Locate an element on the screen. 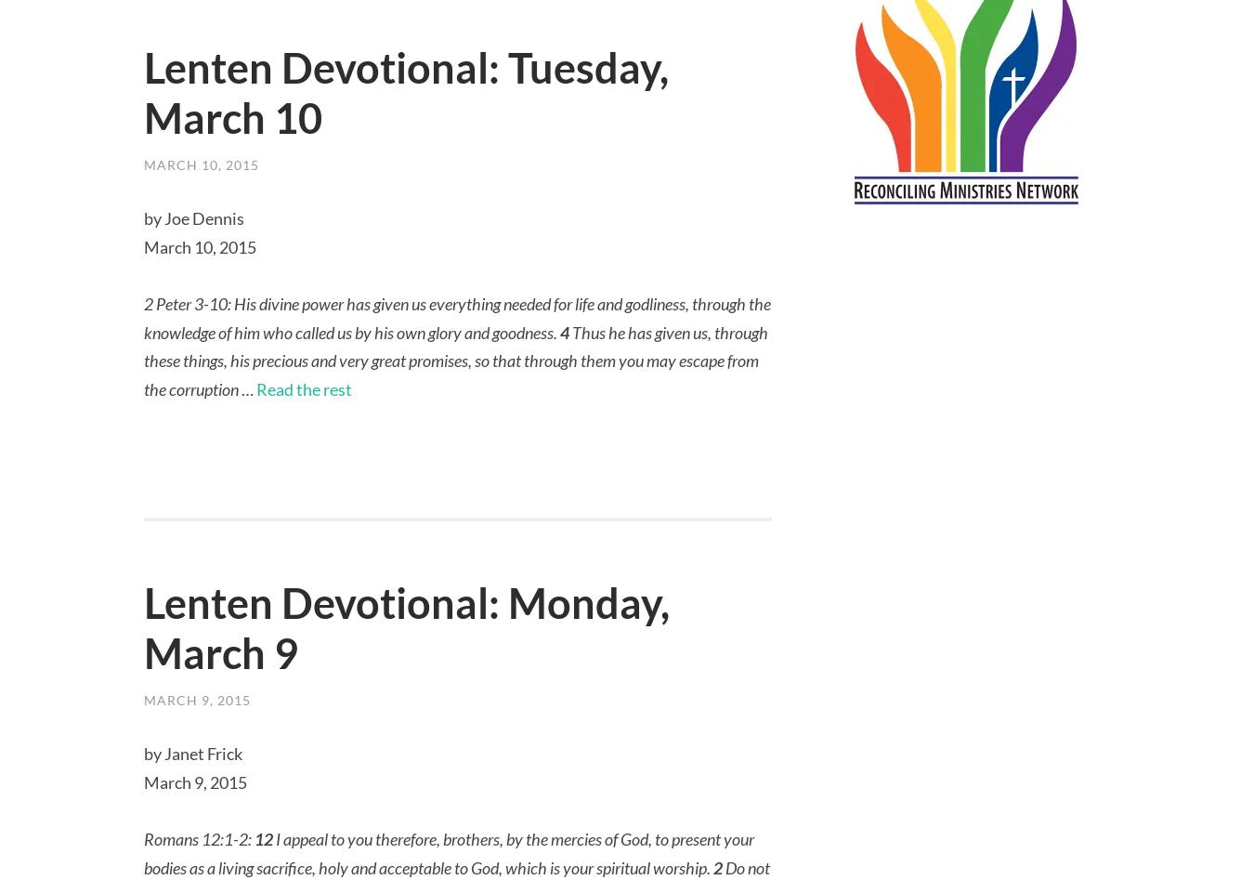 Image resolution: width=1254 pixels, height=880 pixels. 'Lenten Devotional: Monday, March 9' is located at coordinates (406, 626).